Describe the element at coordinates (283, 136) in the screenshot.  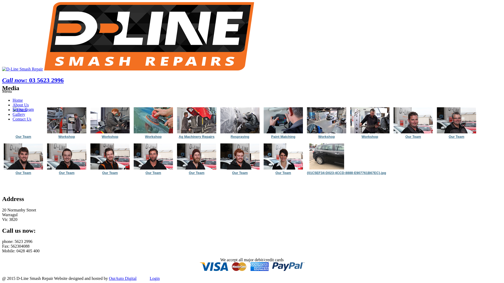
I see `'Paint Matching'` at that location.